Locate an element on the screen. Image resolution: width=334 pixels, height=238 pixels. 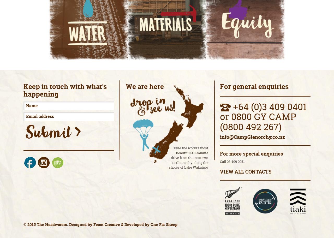
'© 2015 The Headwaters. Designed by' is located at coordinates (23, 224).